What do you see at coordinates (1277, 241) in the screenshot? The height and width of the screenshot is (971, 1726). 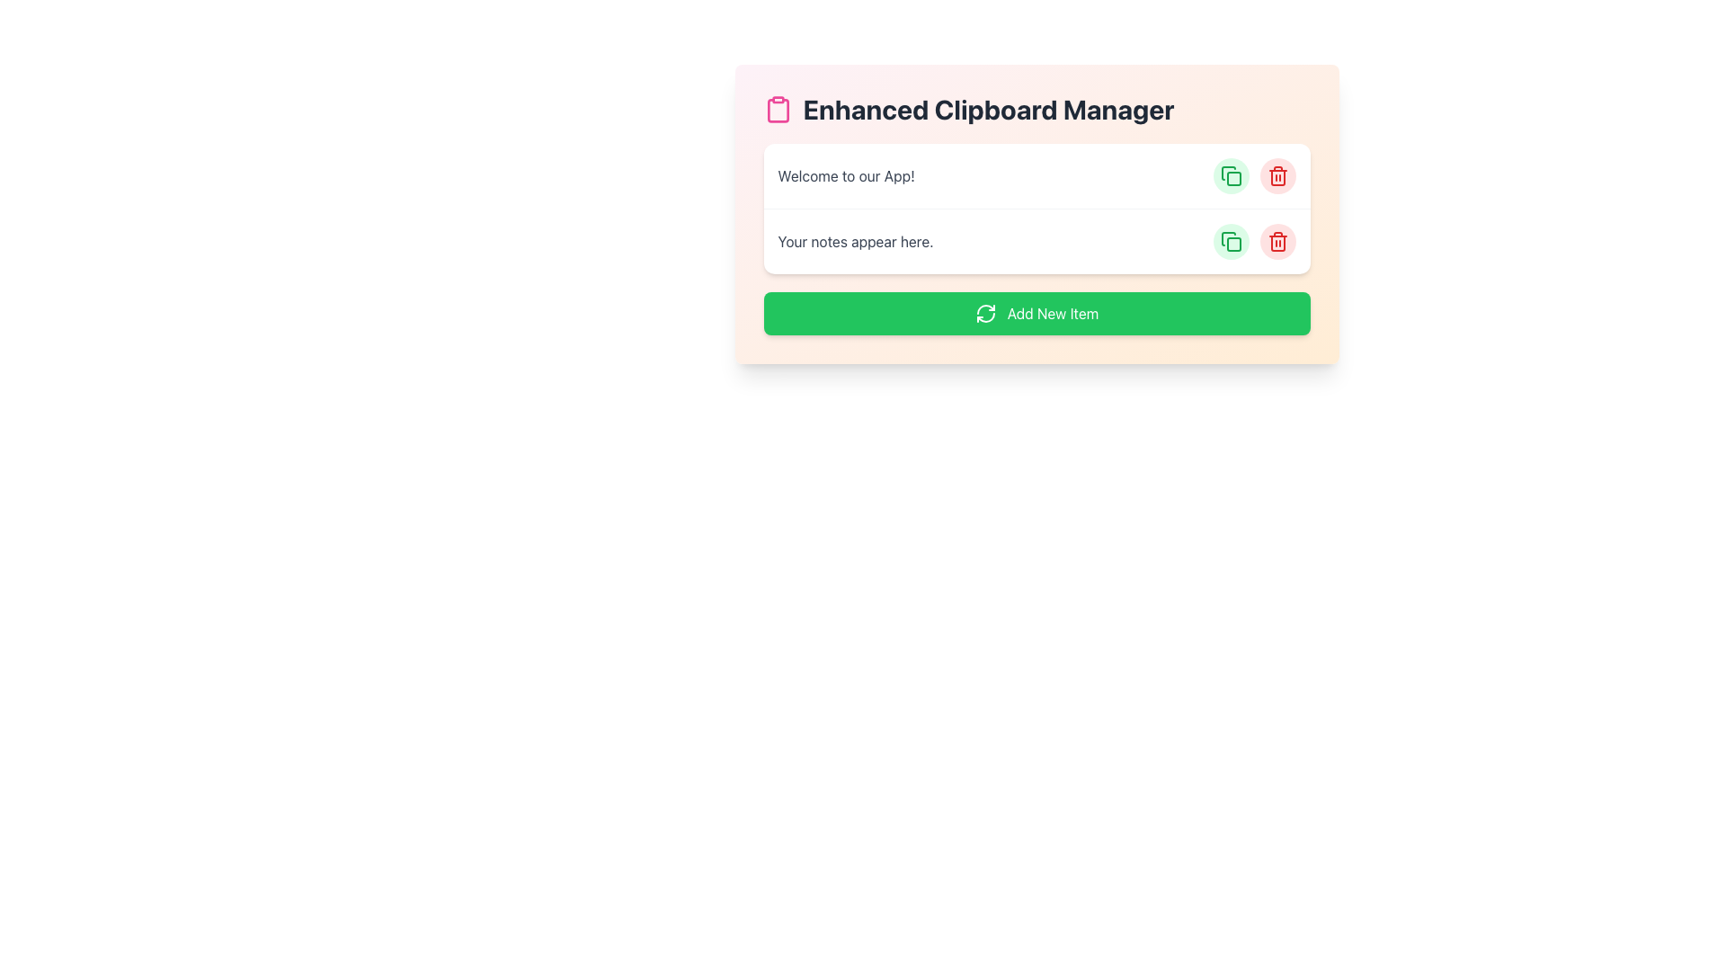 I see `the delete button located on the right side of a row in a list, which is the second button in its group` at bounding box center [1277, 241].